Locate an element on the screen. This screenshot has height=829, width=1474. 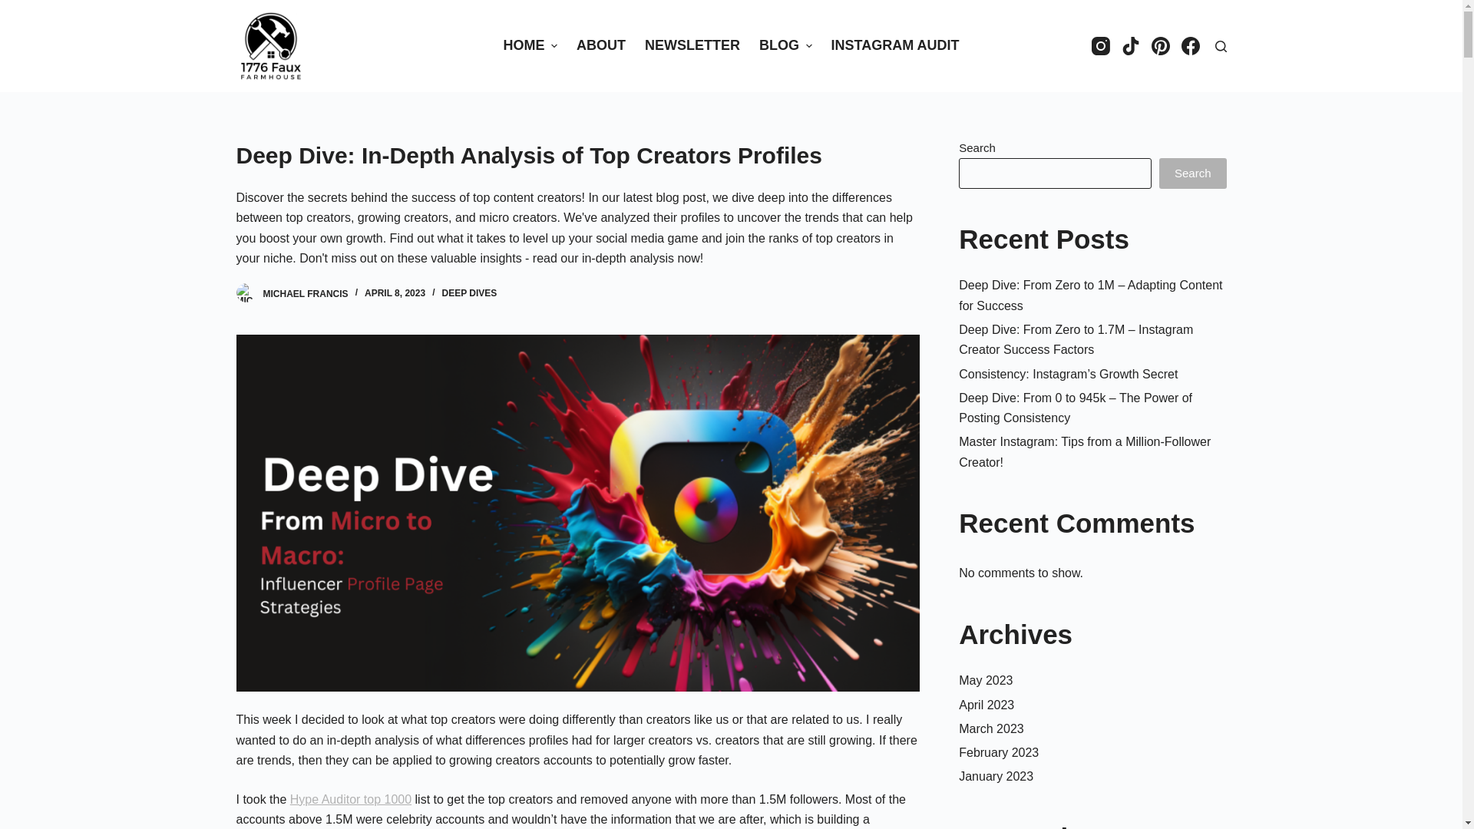
'HOME' is located at coordinates (494, 45).